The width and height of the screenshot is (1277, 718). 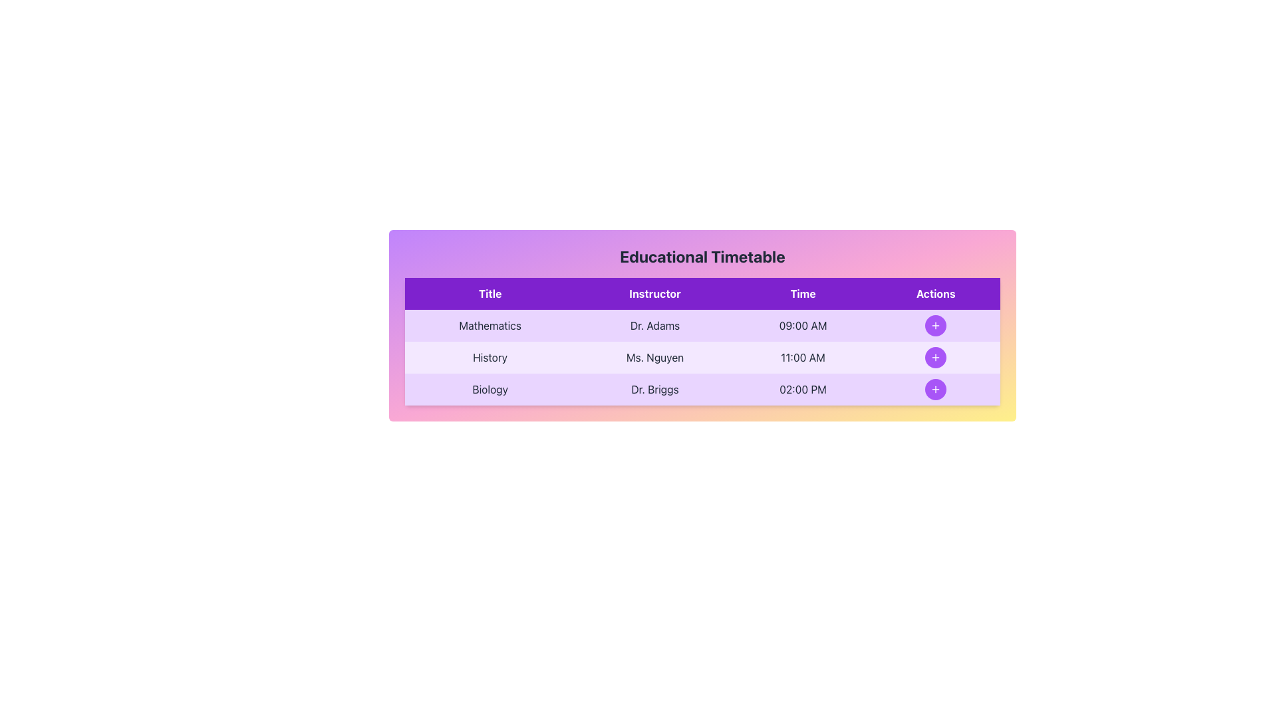 What do you see at coordinates (490, 325) in the screenshot?
I see `the 'Mathematics' text label, which is displayed in a centered alignment within a light purple background, located in the first row, first column of the tabular layout` at bounding box center [490, 325].